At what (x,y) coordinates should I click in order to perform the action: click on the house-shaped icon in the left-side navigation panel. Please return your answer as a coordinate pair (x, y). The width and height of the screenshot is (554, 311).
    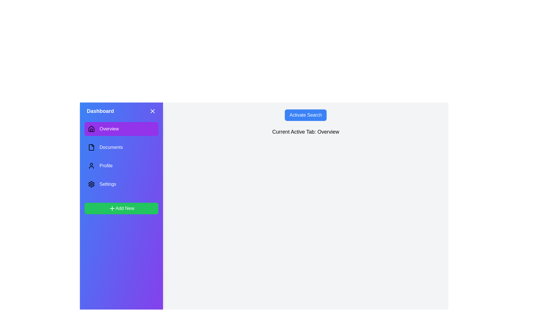
    Looking at the image, I should click on (91, 128).